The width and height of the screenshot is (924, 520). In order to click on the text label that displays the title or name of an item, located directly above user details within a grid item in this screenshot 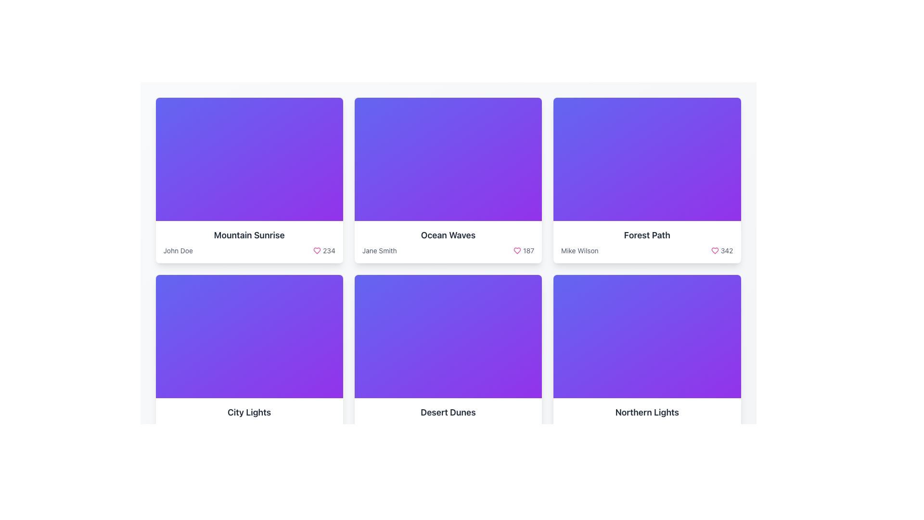, I will do `click(249, 235)`.